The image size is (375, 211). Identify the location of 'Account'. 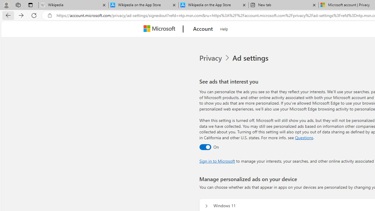
(203, 29).